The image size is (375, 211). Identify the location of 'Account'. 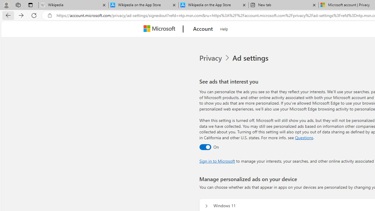
(203, 29).